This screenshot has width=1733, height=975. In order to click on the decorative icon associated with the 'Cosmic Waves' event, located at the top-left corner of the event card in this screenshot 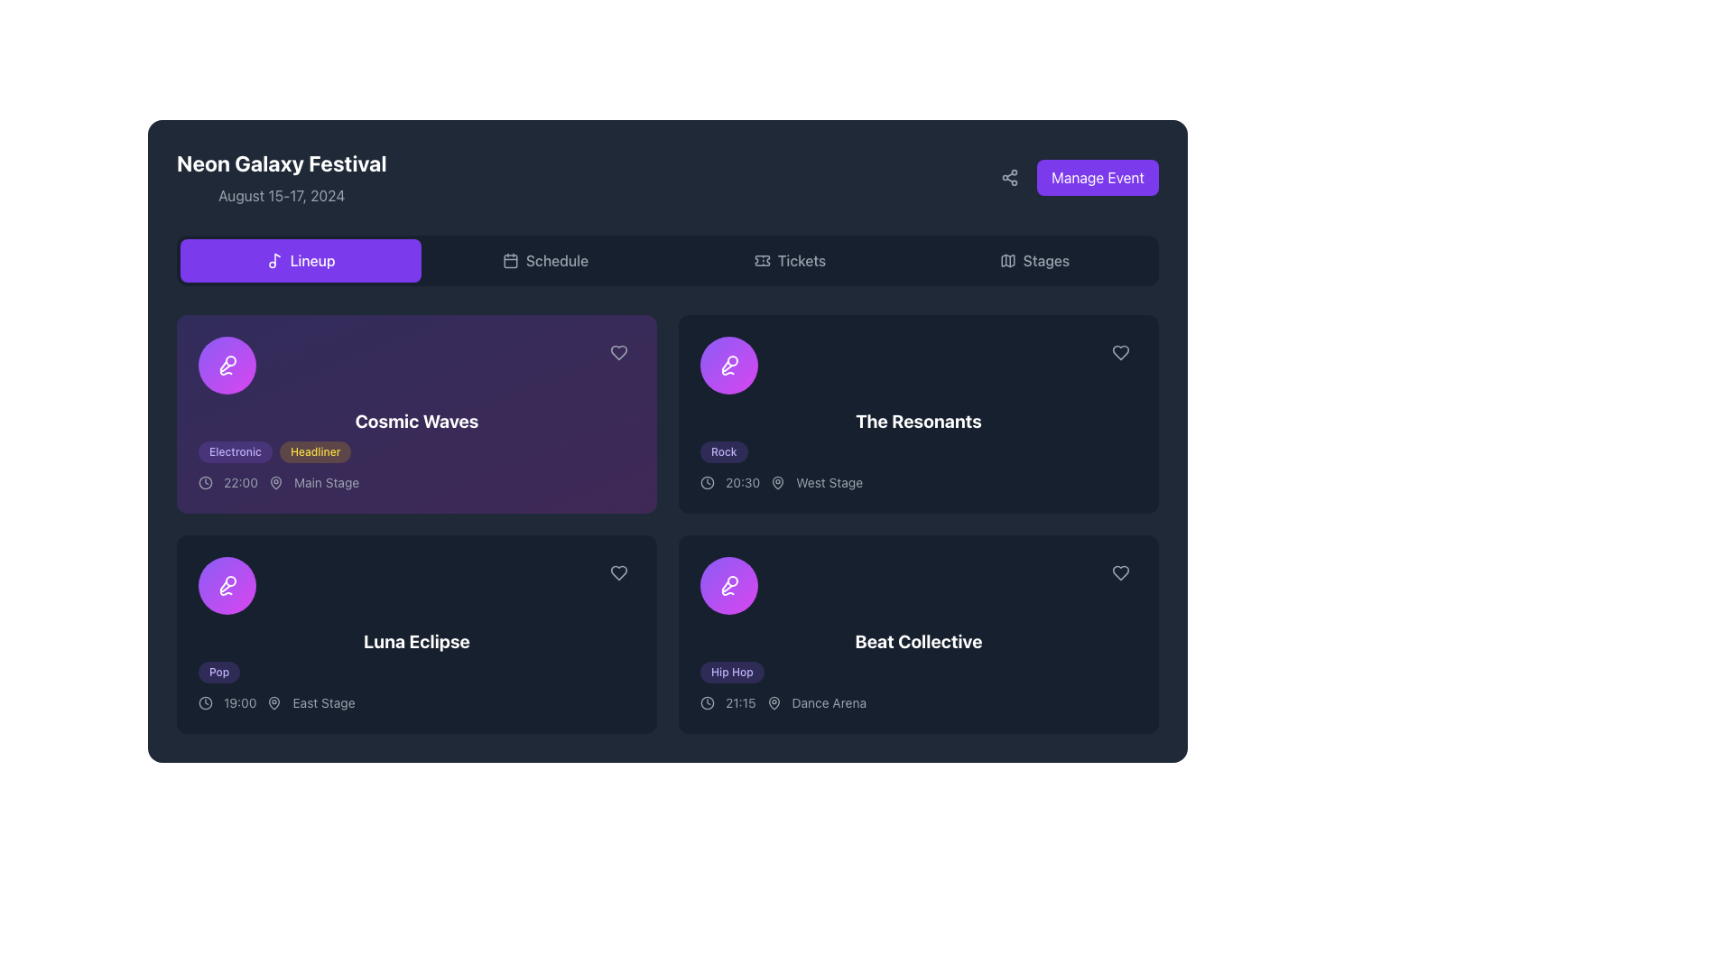, I will do `click(227, 366)`.